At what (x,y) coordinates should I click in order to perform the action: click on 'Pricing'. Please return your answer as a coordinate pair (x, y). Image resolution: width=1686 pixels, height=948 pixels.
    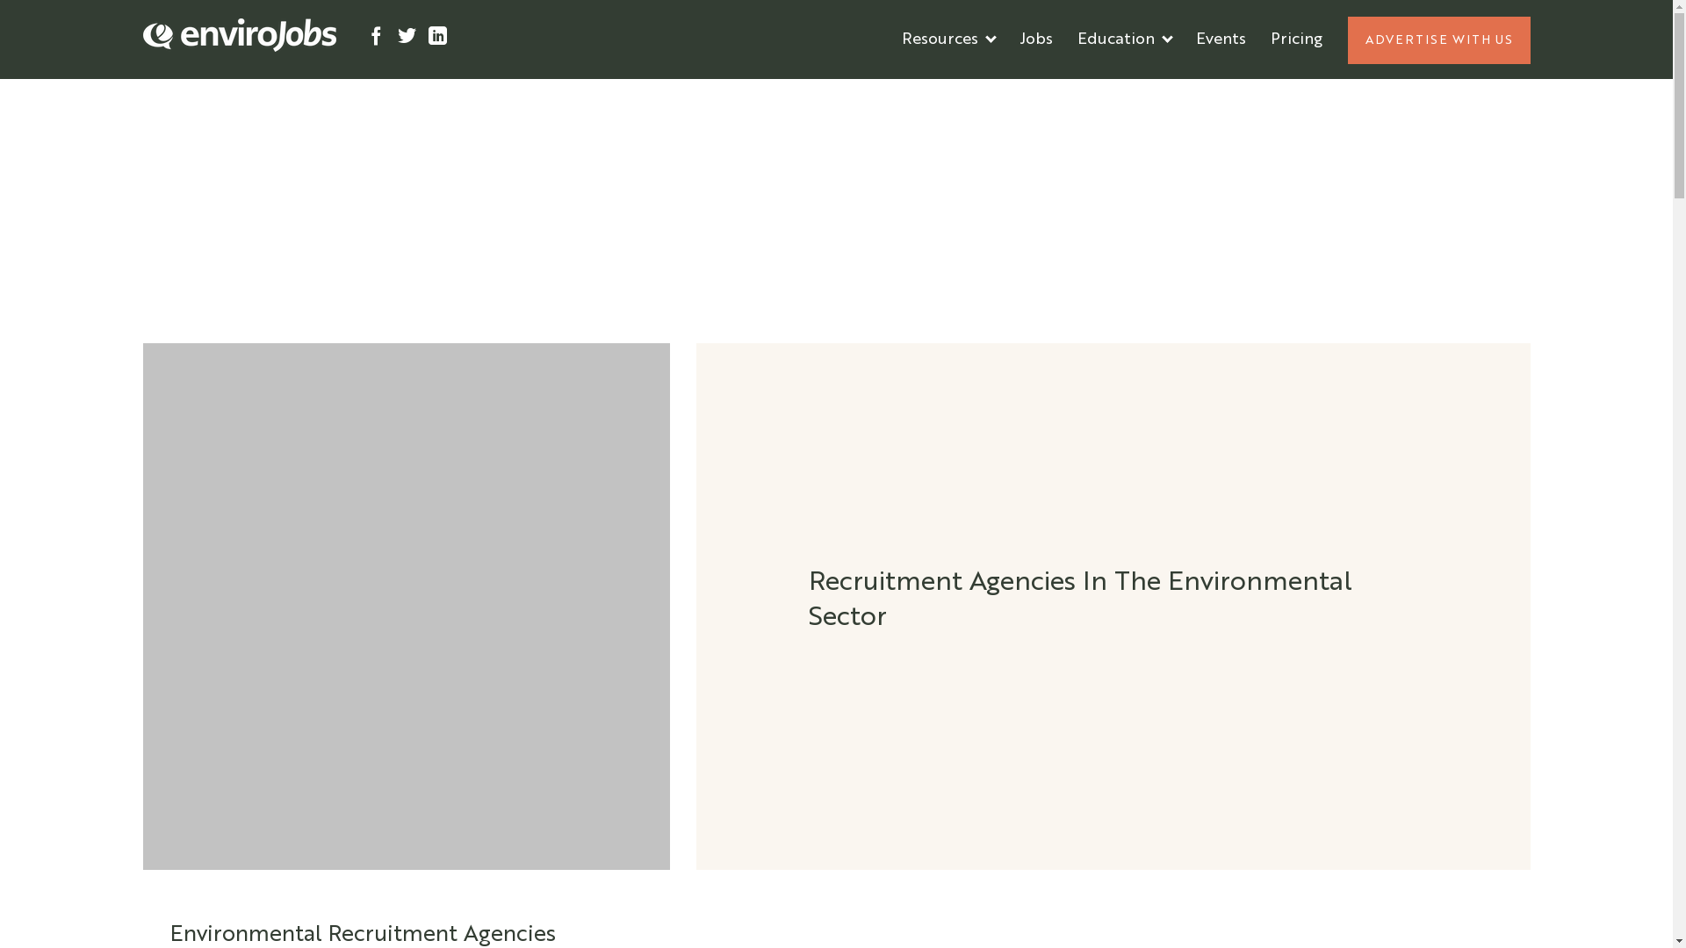
    Looking at the image, I should click on (1256, 39).